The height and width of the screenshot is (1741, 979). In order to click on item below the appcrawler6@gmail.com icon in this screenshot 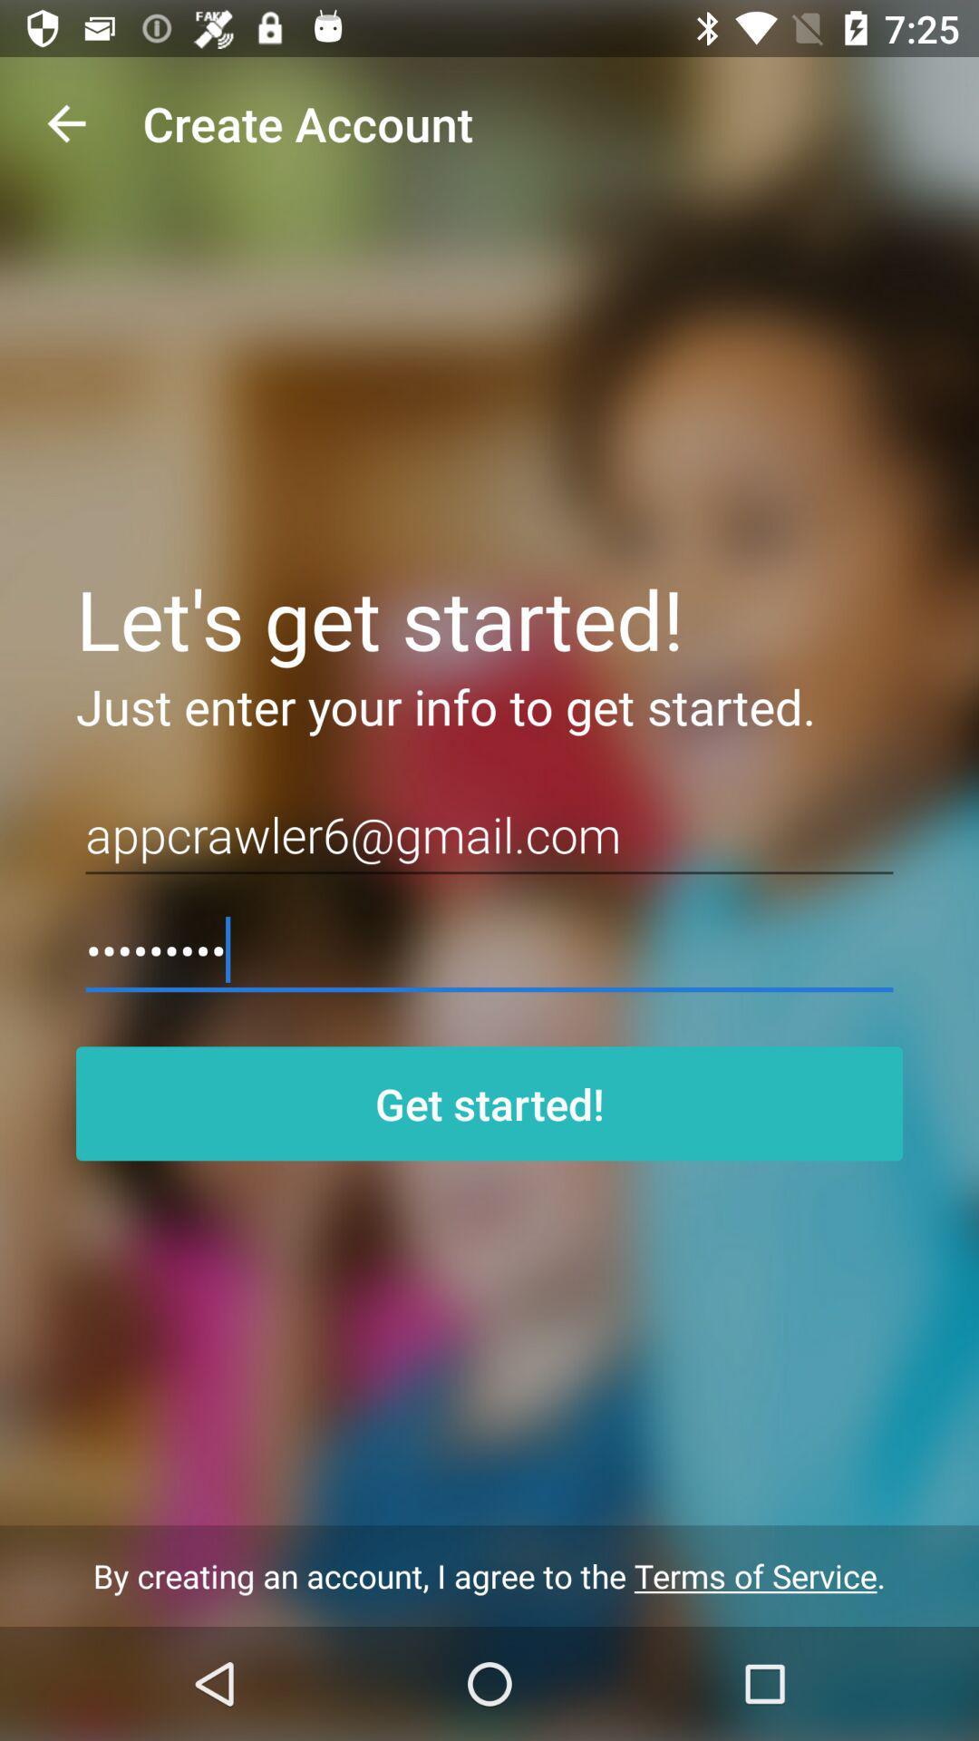, I will do `click(489, 949)`.